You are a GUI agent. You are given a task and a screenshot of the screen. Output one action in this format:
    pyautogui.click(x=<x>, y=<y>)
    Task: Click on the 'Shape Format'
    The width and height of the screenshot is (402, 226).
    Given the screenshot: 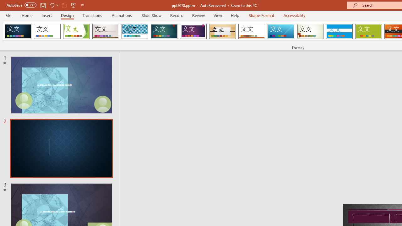 What is the action you would take?
    pyautogui.click(x=261, y=15)
    